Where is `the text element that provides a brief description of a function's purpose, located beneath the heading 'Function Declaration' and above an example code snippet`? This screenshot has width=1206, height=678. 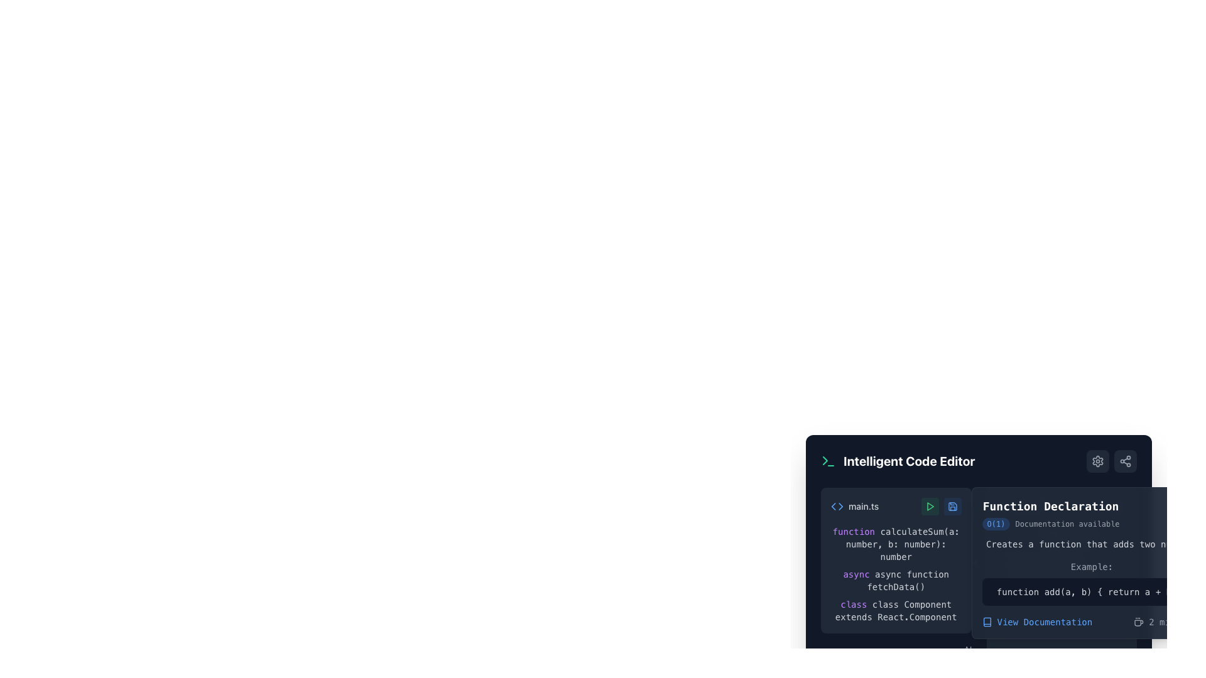
the text element that provides a brief description of a function's purpose, located beneath the heading 'Function Declaration' and above an example code snippet is located at coordinates (1091, 544).